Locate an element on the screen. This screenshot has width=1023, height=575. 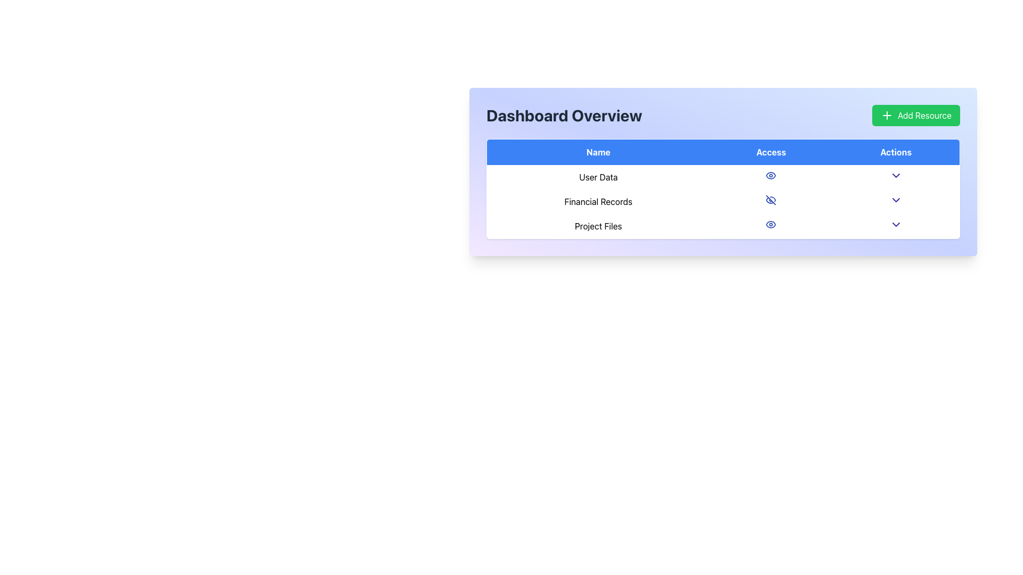
the downward-pointing chevron icon in the 'Actions' column of the 'Financial Records' entry is located at coordinates (895, 200).